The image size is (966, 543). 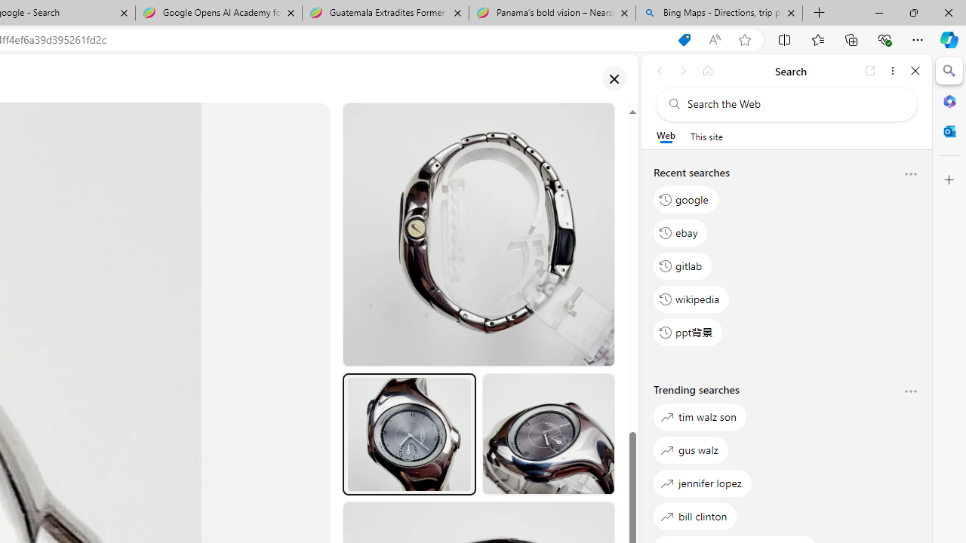 I want to click on 'This site scope', so click(x=706, y=136).